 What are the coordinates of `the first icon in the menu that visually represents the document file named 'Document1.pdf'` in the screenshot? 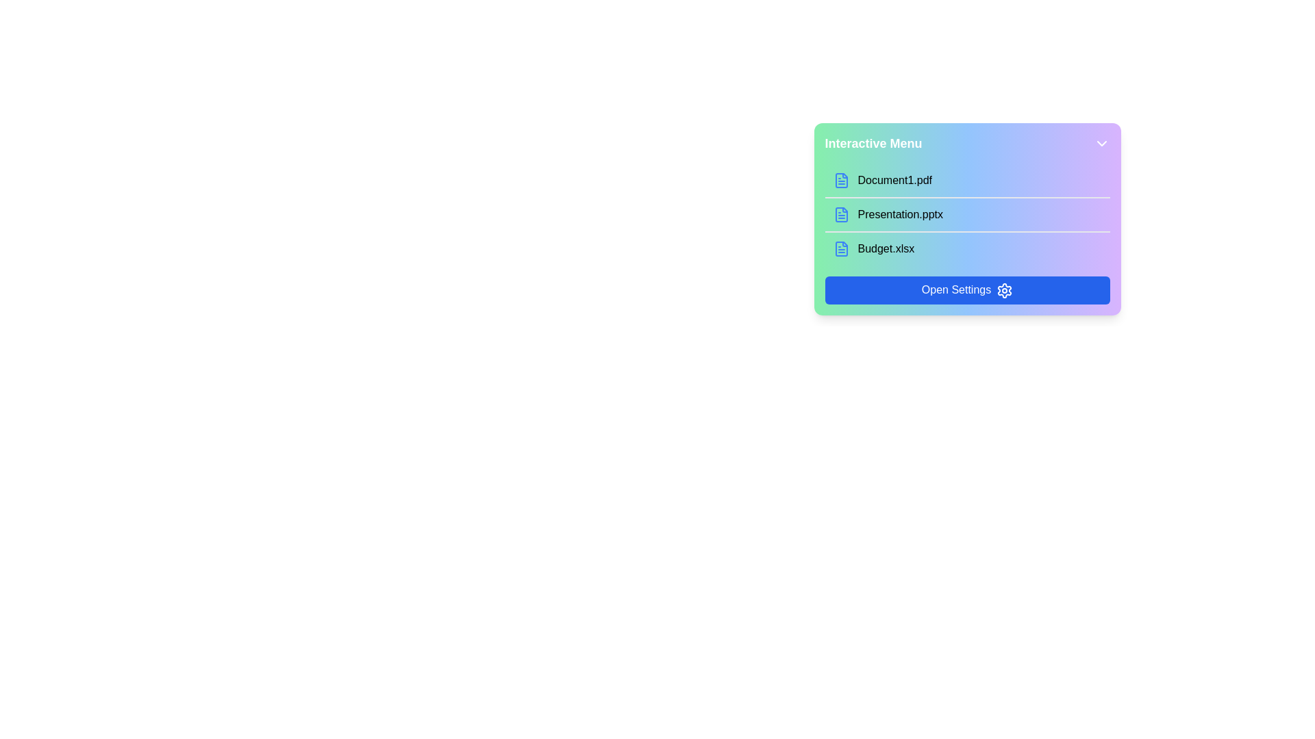 It's located at (840, 179).